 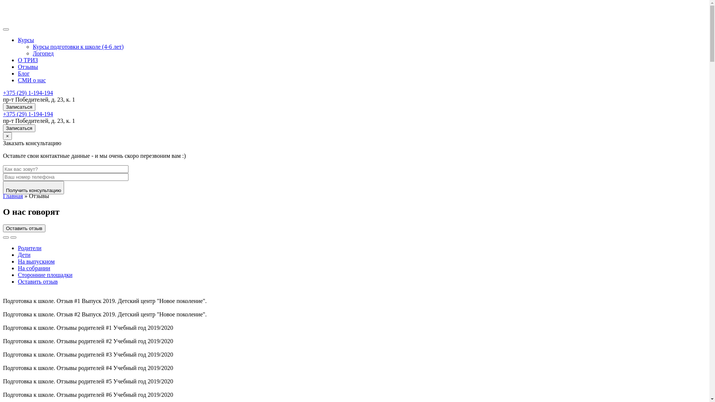 I want to click on '+375 (29) 1-194-194', so click(x=28, y=114).